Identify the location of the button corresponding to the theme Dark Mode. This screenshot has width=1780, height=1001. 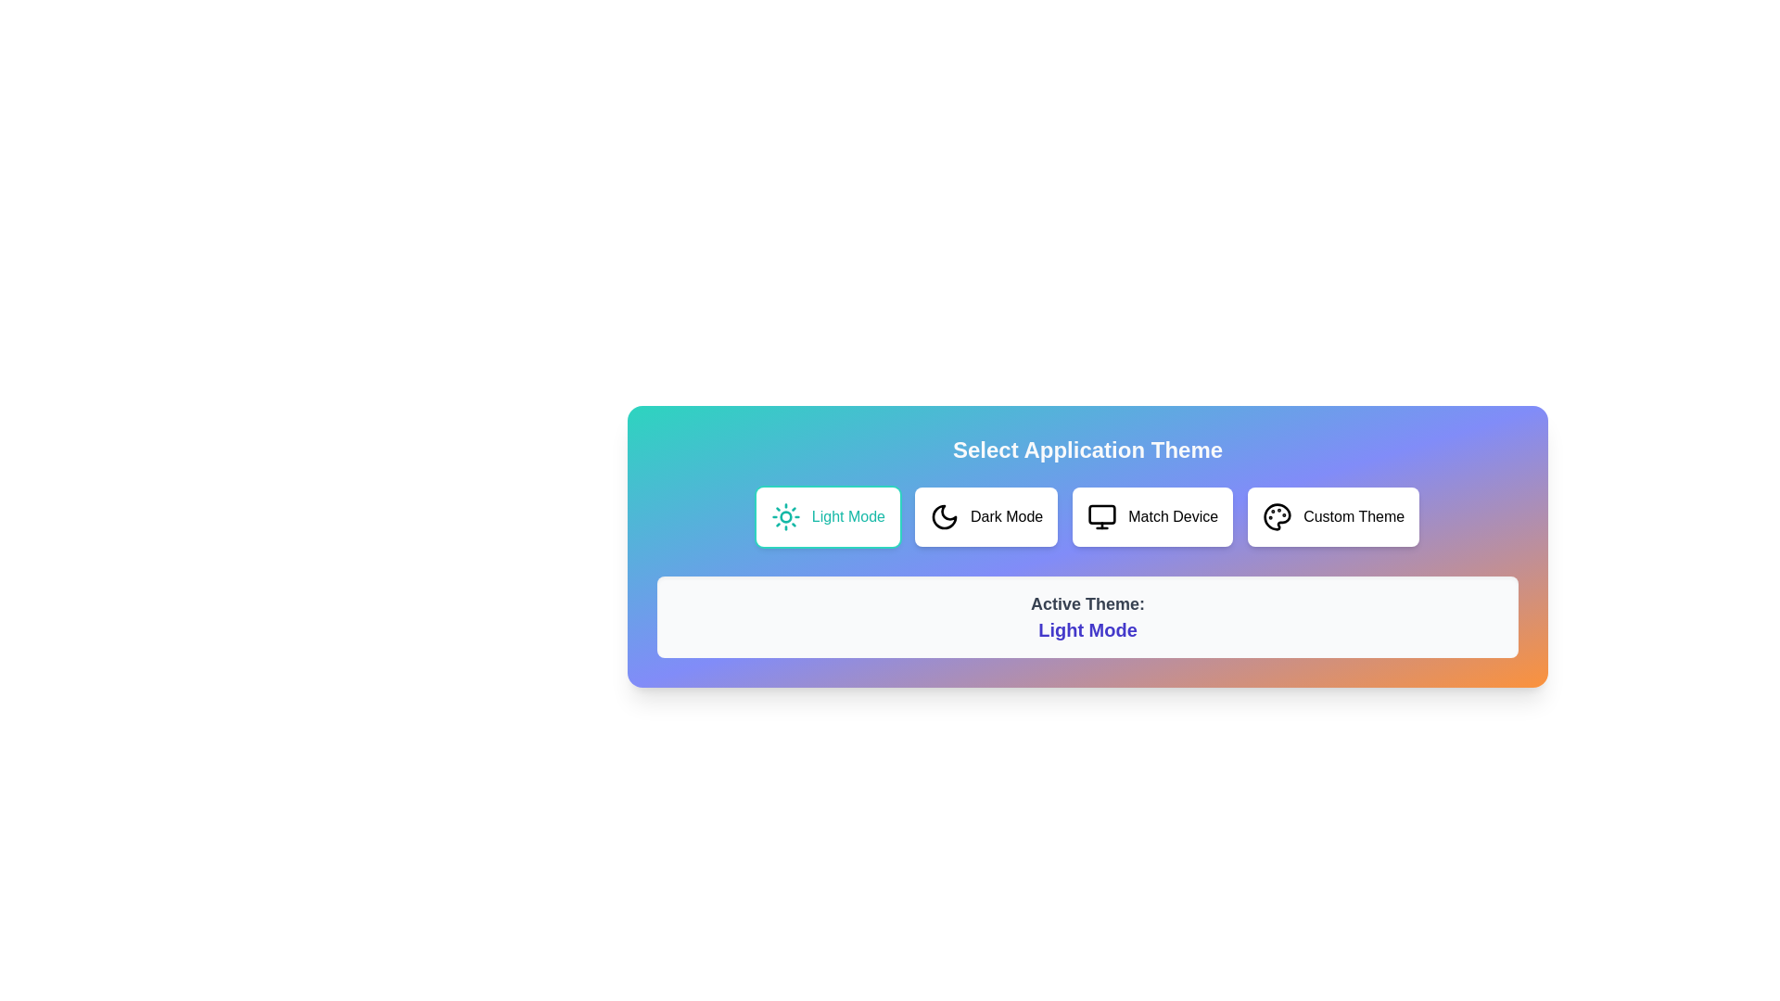
(985, 517).